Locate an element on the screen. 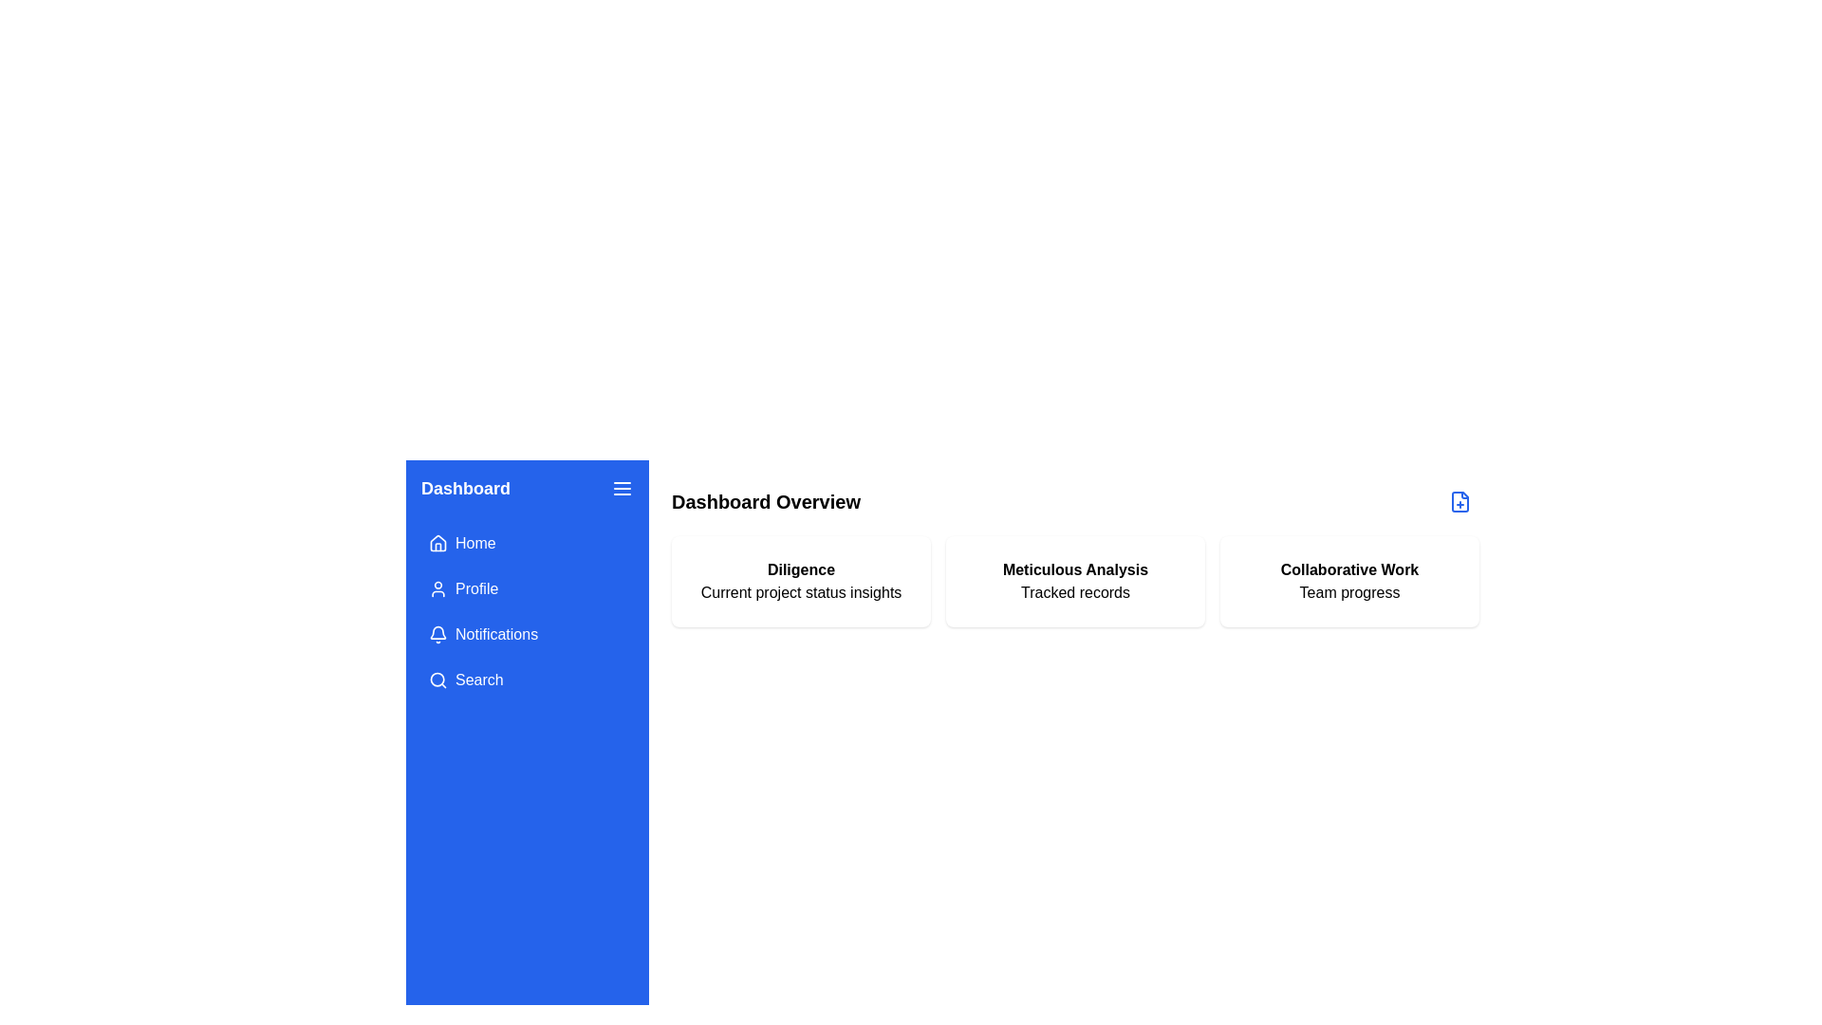  the 'Home' icon located in the sidebar menu is located at coordinates (437, 542).